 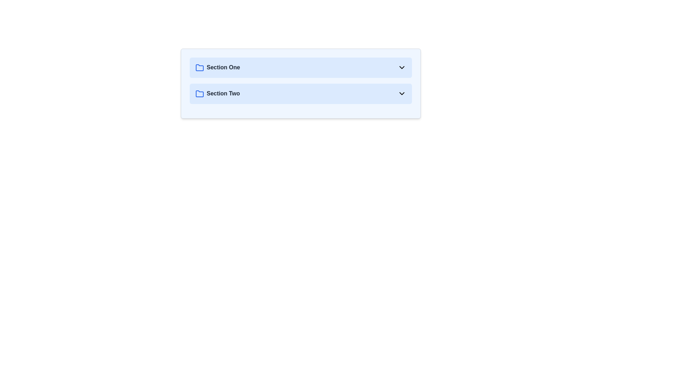 What do you see at coordinates (217, 68) in the screenshot?
I see `the text label that serves as the descriptive label for the first section in the vertically stacked list` at bounding box center [217, 68].